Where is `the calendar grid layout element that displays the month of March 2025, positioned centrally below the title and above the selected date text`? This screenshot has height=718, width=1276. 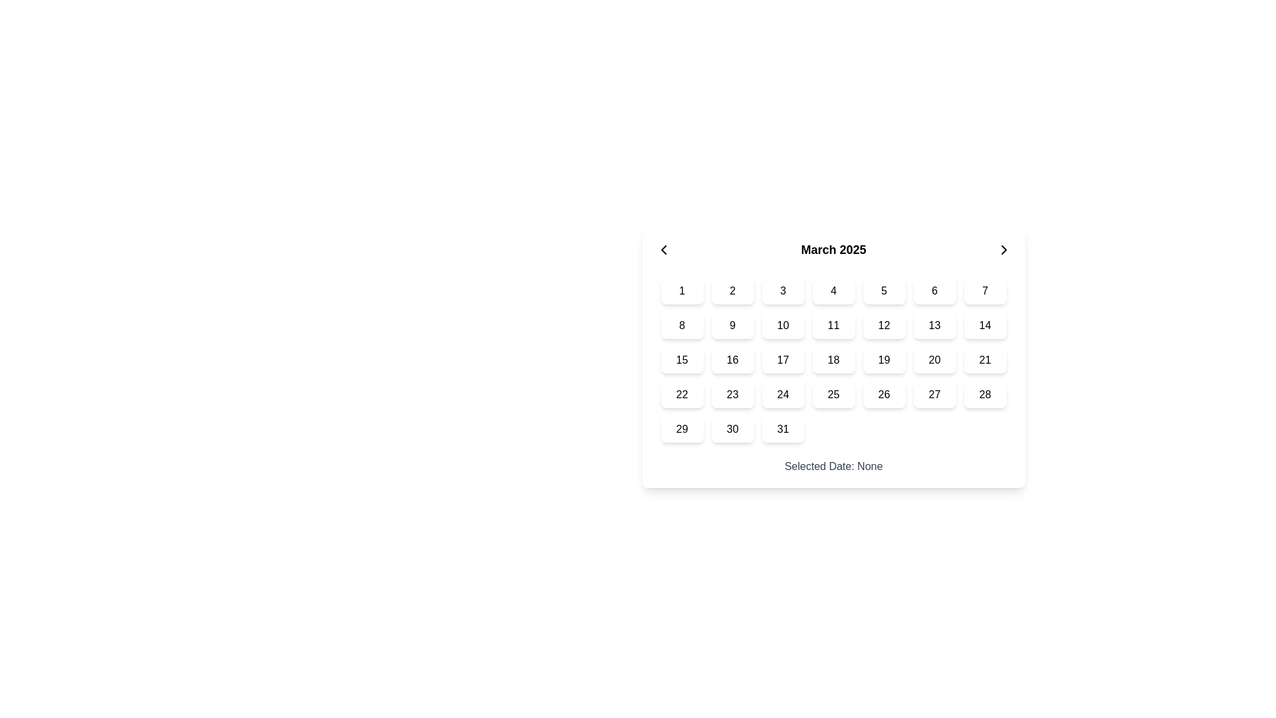 the calendar grid layout element that displays the month of March 2025, positioned centrally below the title and above the selected date text is located at coordinates (833, 360).